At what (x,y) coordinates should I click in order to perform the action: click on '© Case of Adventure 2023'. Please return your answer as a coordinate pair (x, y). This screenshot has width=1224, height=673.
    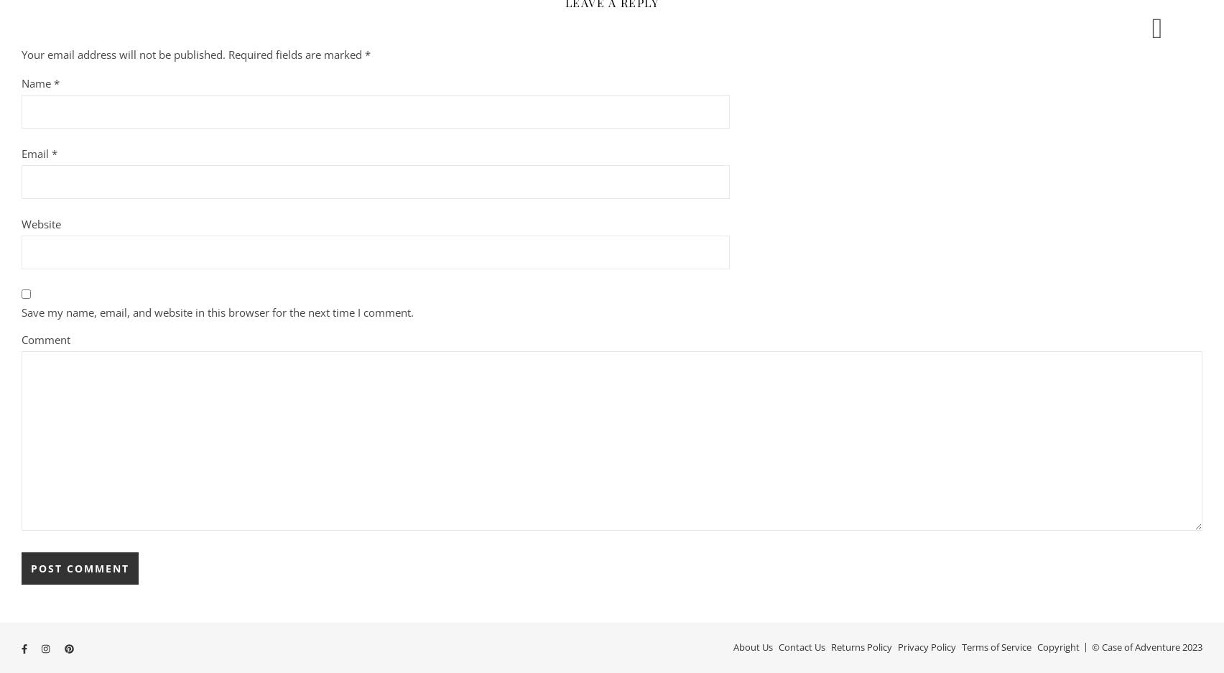
    Looking at the image, I should click on (1146, 646).